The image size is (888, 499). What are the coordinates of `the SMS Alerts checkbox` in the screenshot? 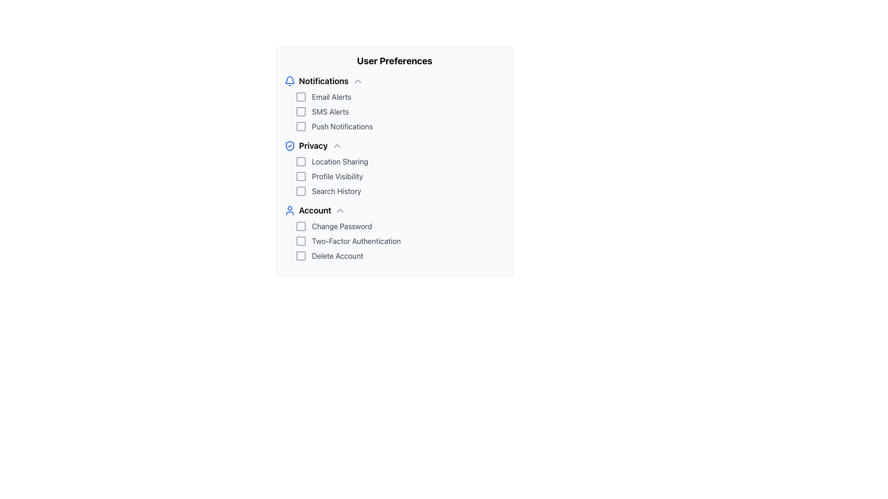 It's located at (301, 111).